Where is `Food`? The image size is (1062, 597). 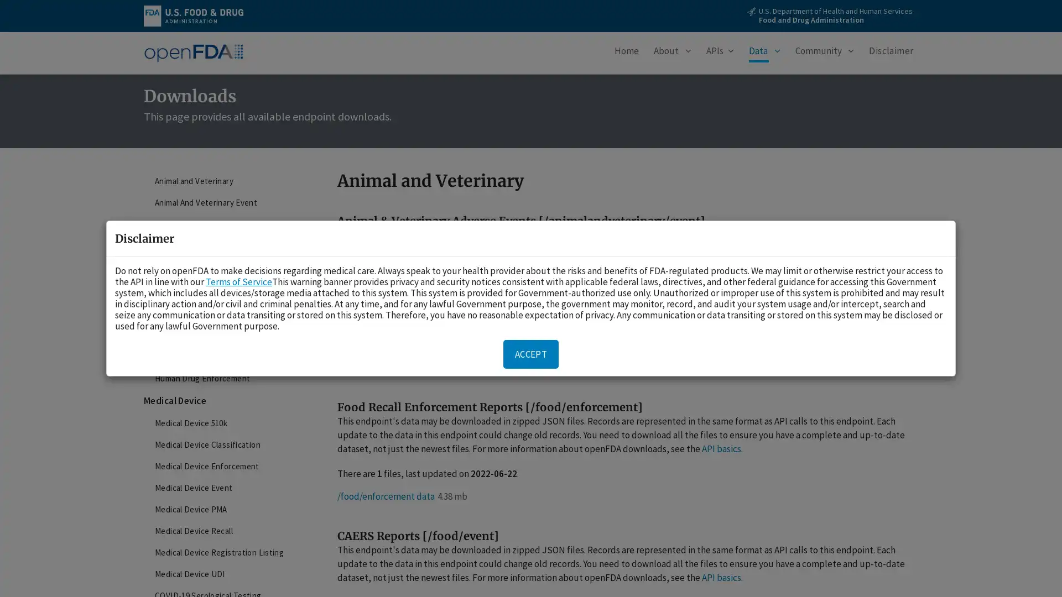 Food is located at coordinates (226, 224).